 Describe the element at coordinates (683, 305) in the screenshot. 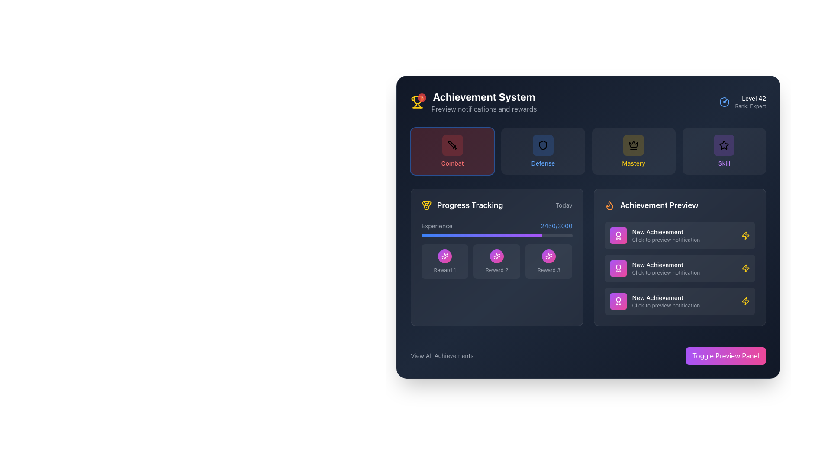

I see `the Text label that provides additional descriptive information about the functionality of the associated card in the 'Achievement Preview' section, located below 'New Achievement.'` at that location.